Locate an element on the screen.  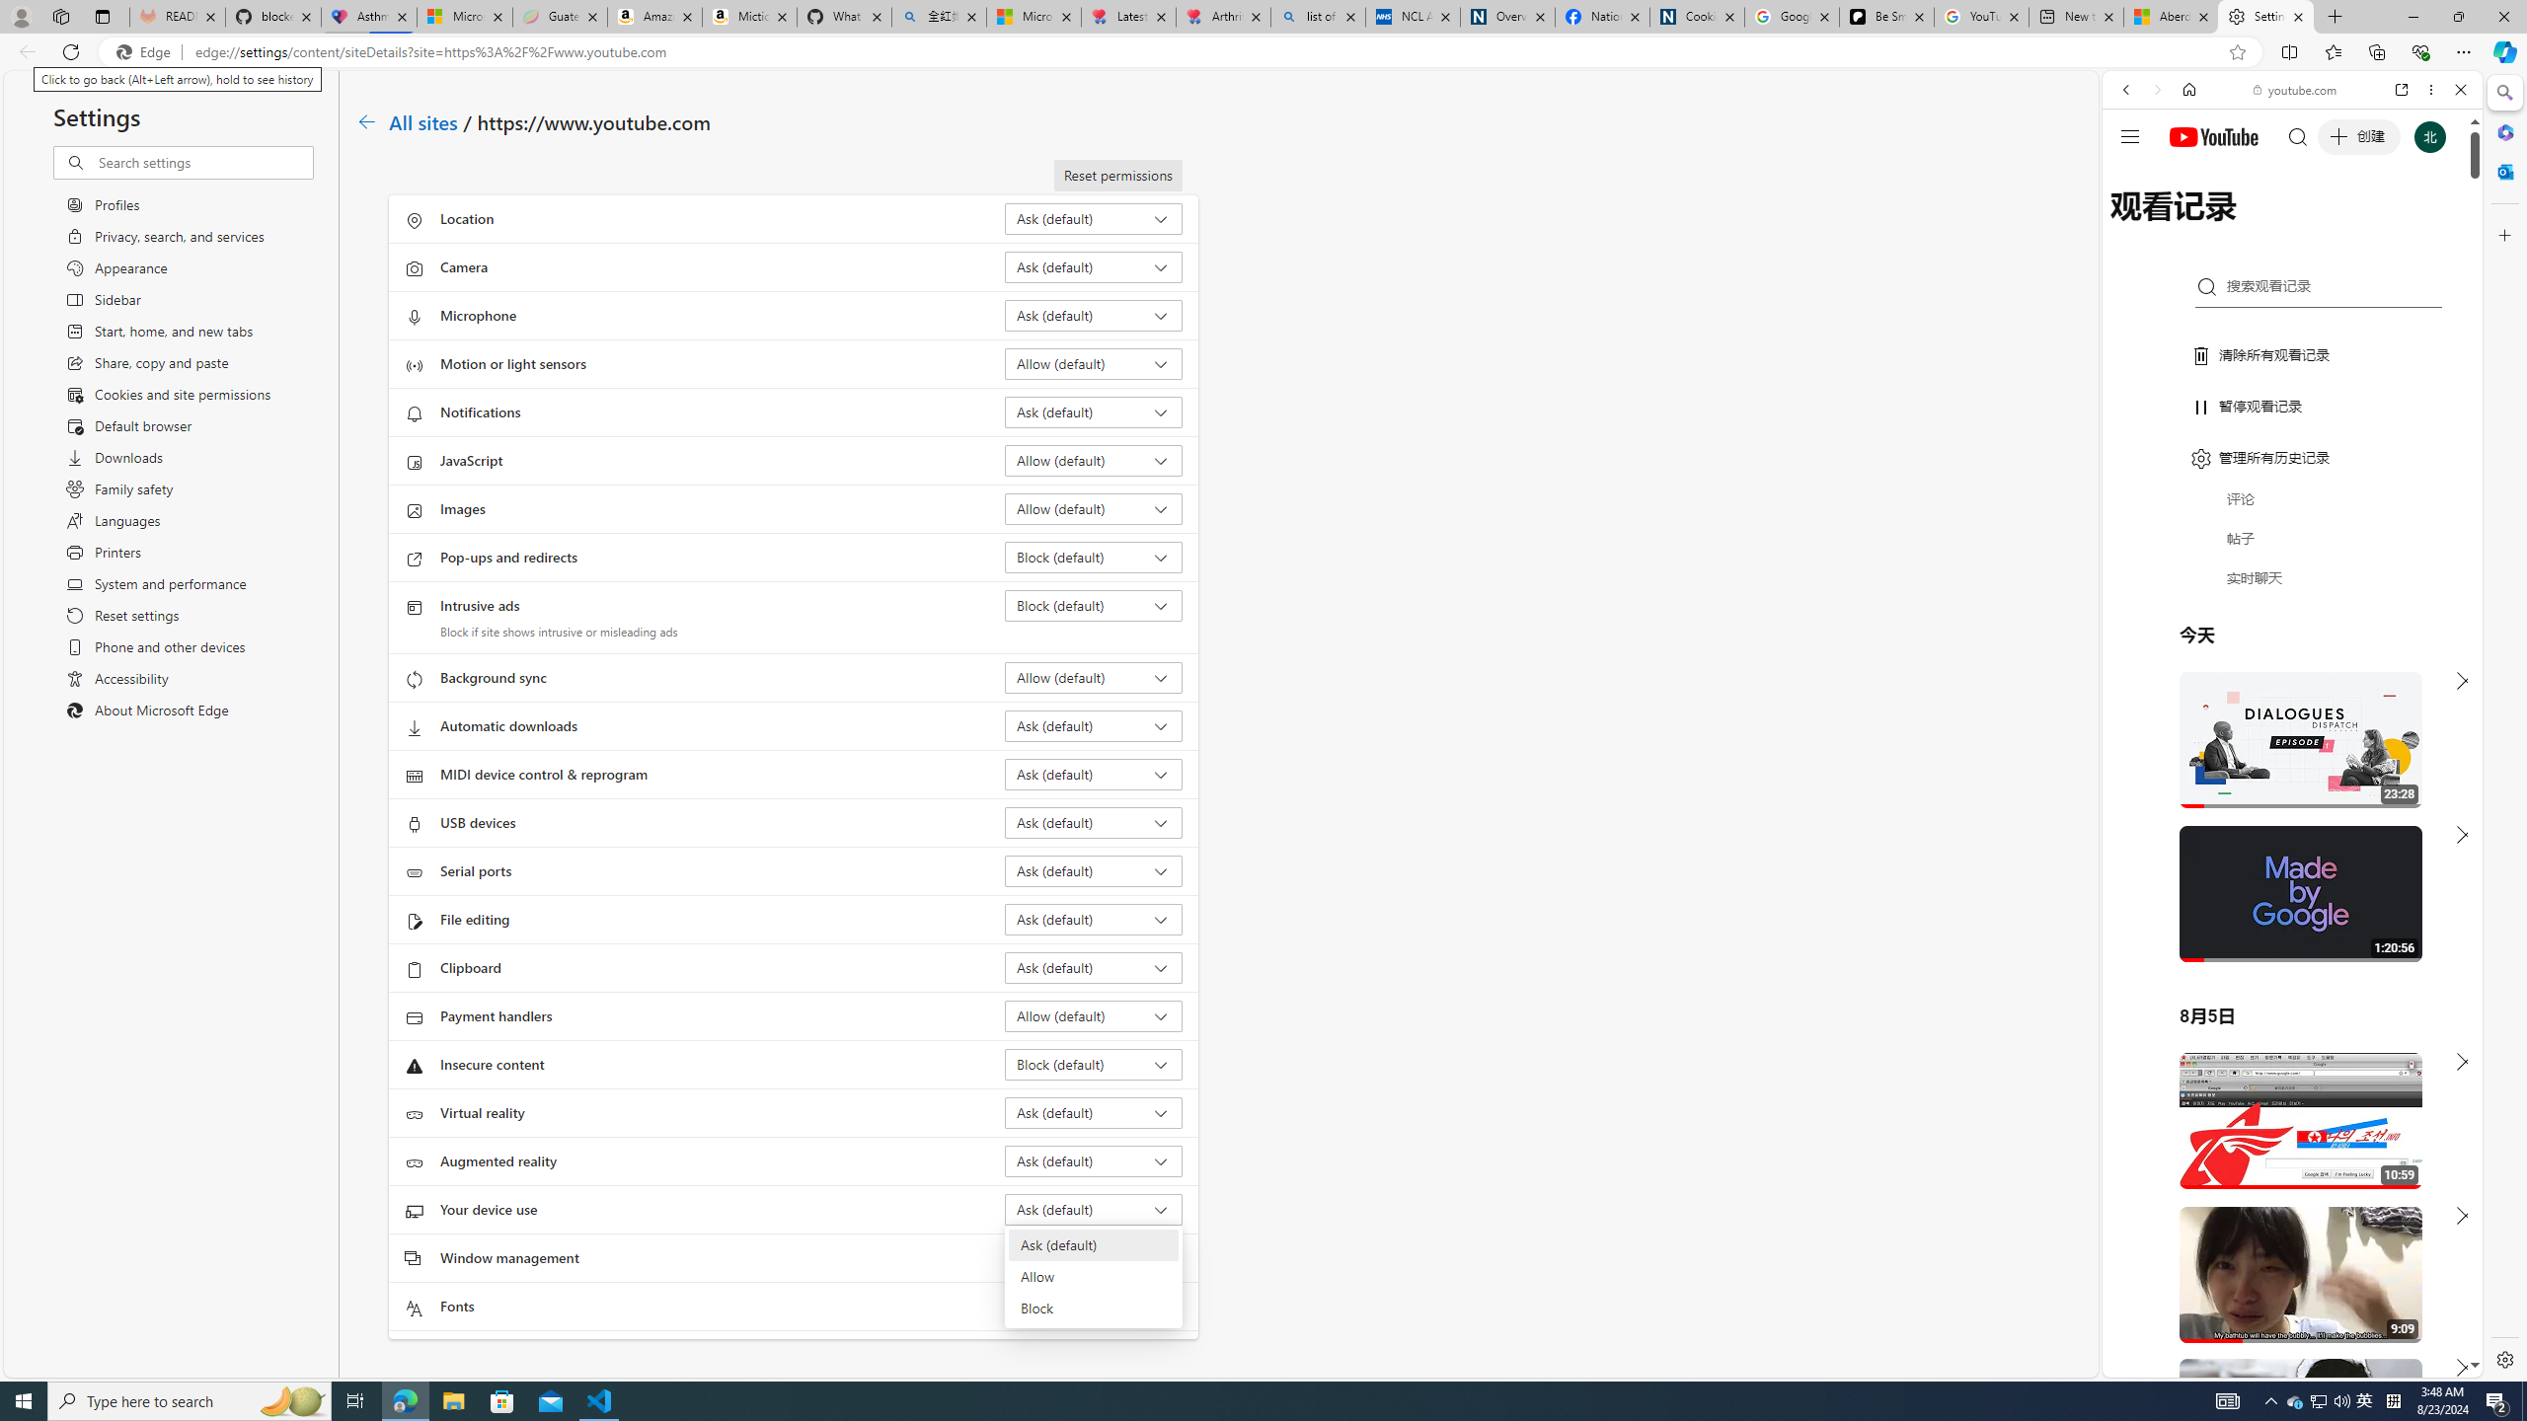
'Notifications Ask (default)' is located at coordinates (1094, 411).